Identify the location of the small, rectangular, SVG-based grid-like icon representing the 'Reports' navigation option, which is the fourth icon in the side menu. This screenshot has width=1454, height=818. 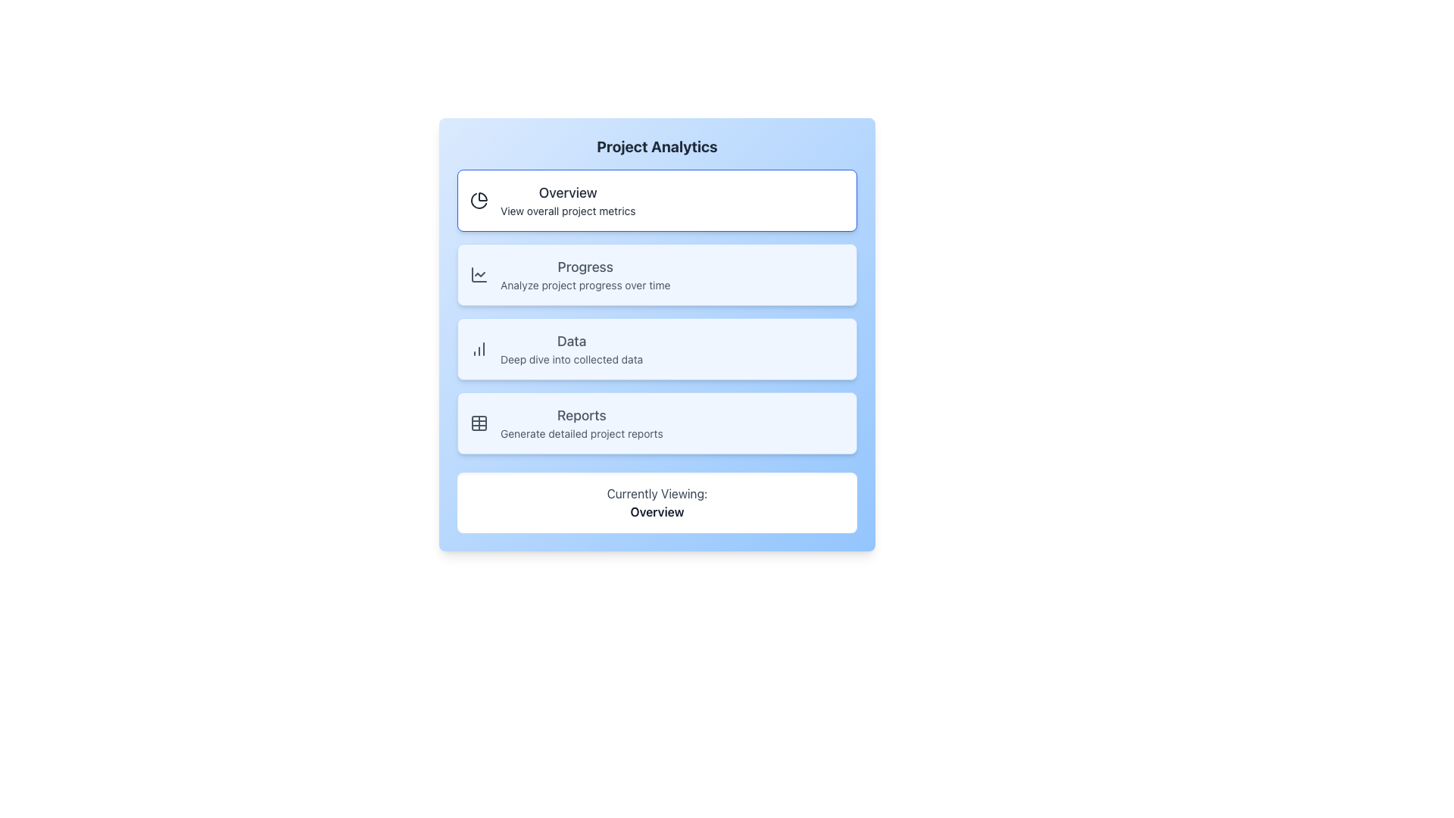
(479, 423).